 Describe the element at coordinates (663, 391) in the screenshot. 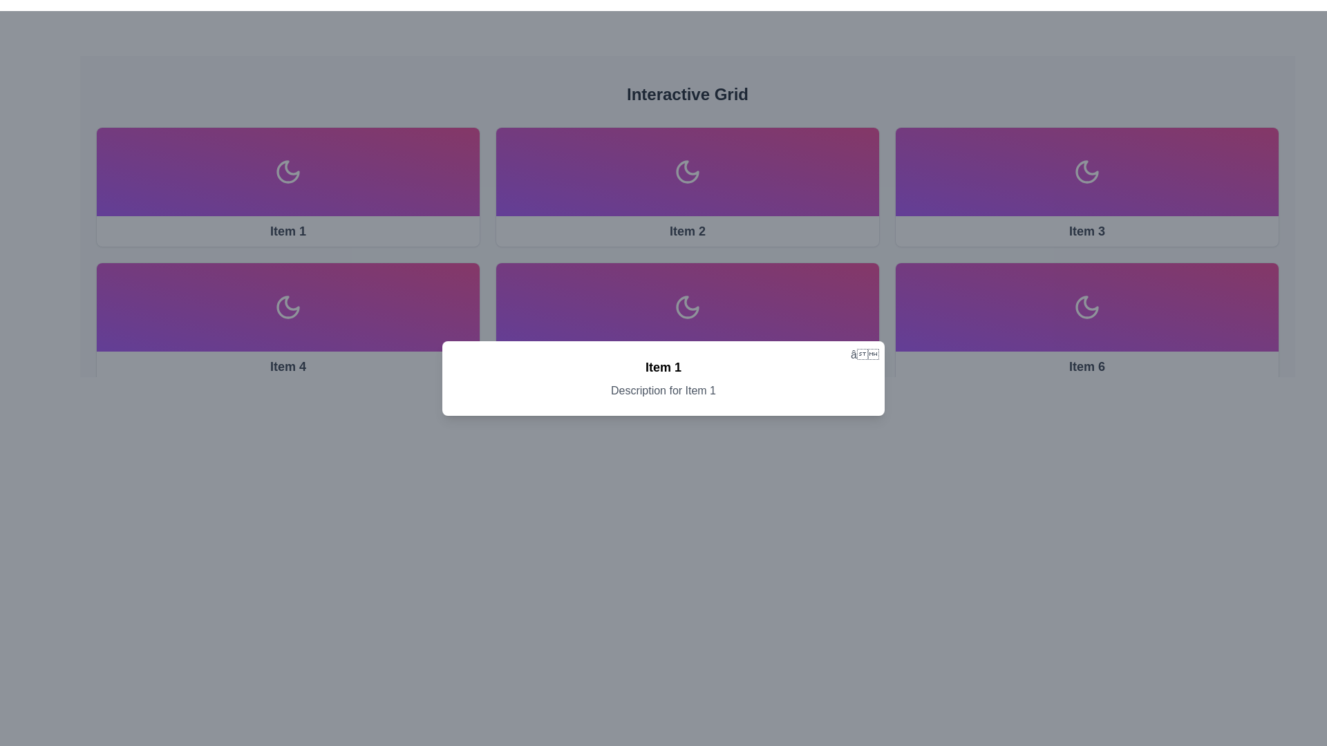

I see `text from the Label element that displays 'Description for Item 1', which is styled with centered alignment and gray color, located below the bold 'Item 1' label` at that location.